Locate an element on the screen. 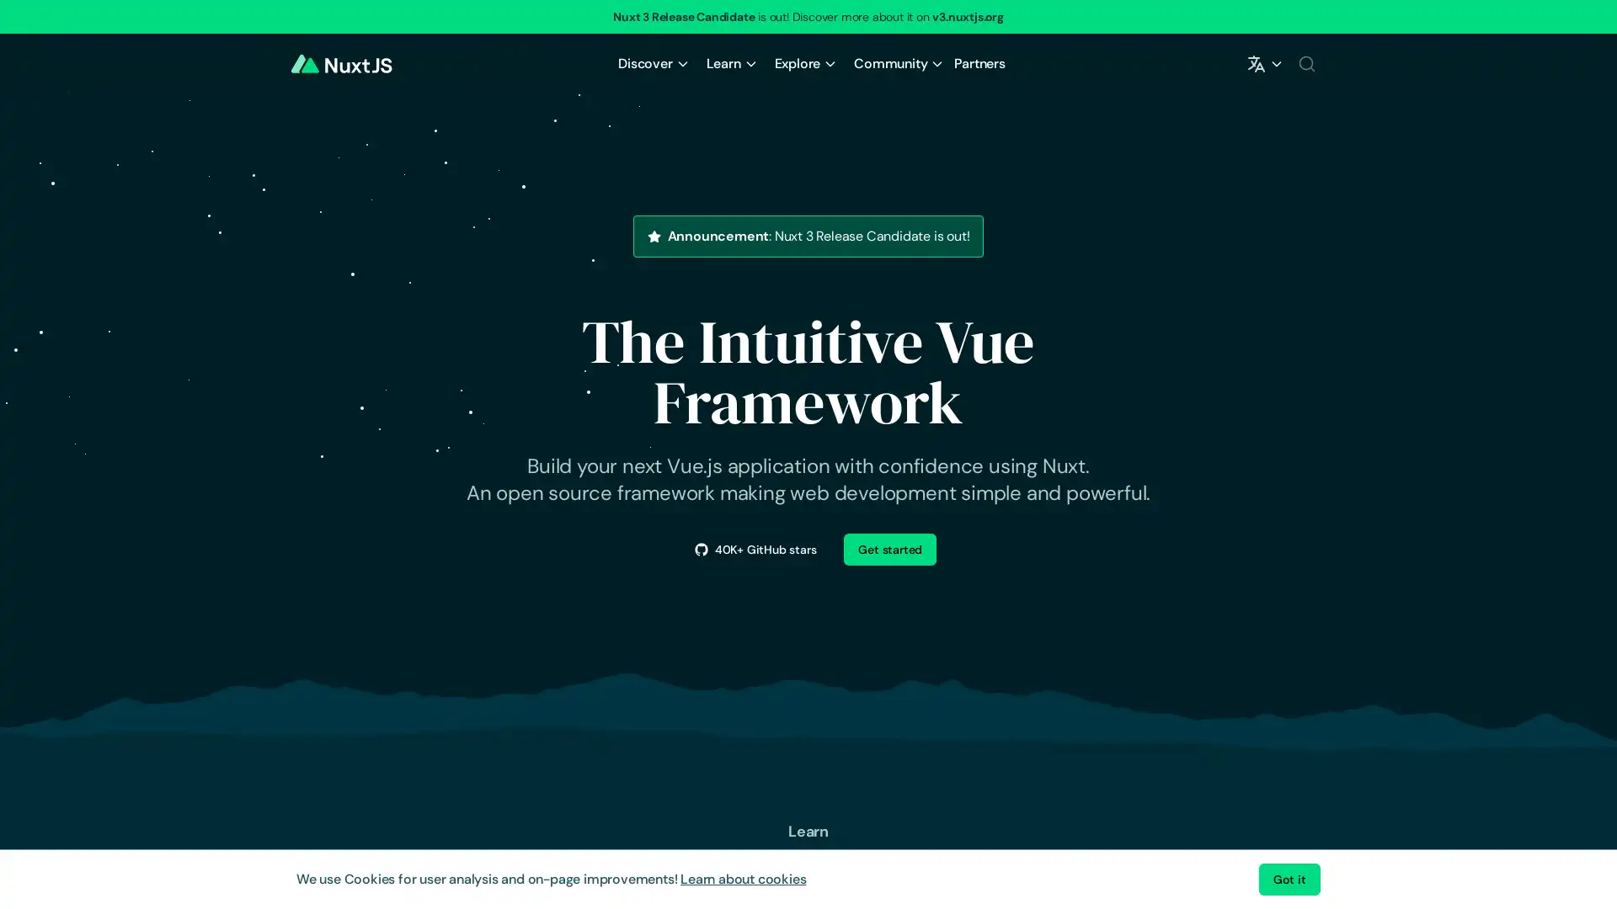 Image resolution: width=1617 pixels, height=909 pixels. Search is located at coordinates (1305, 63).